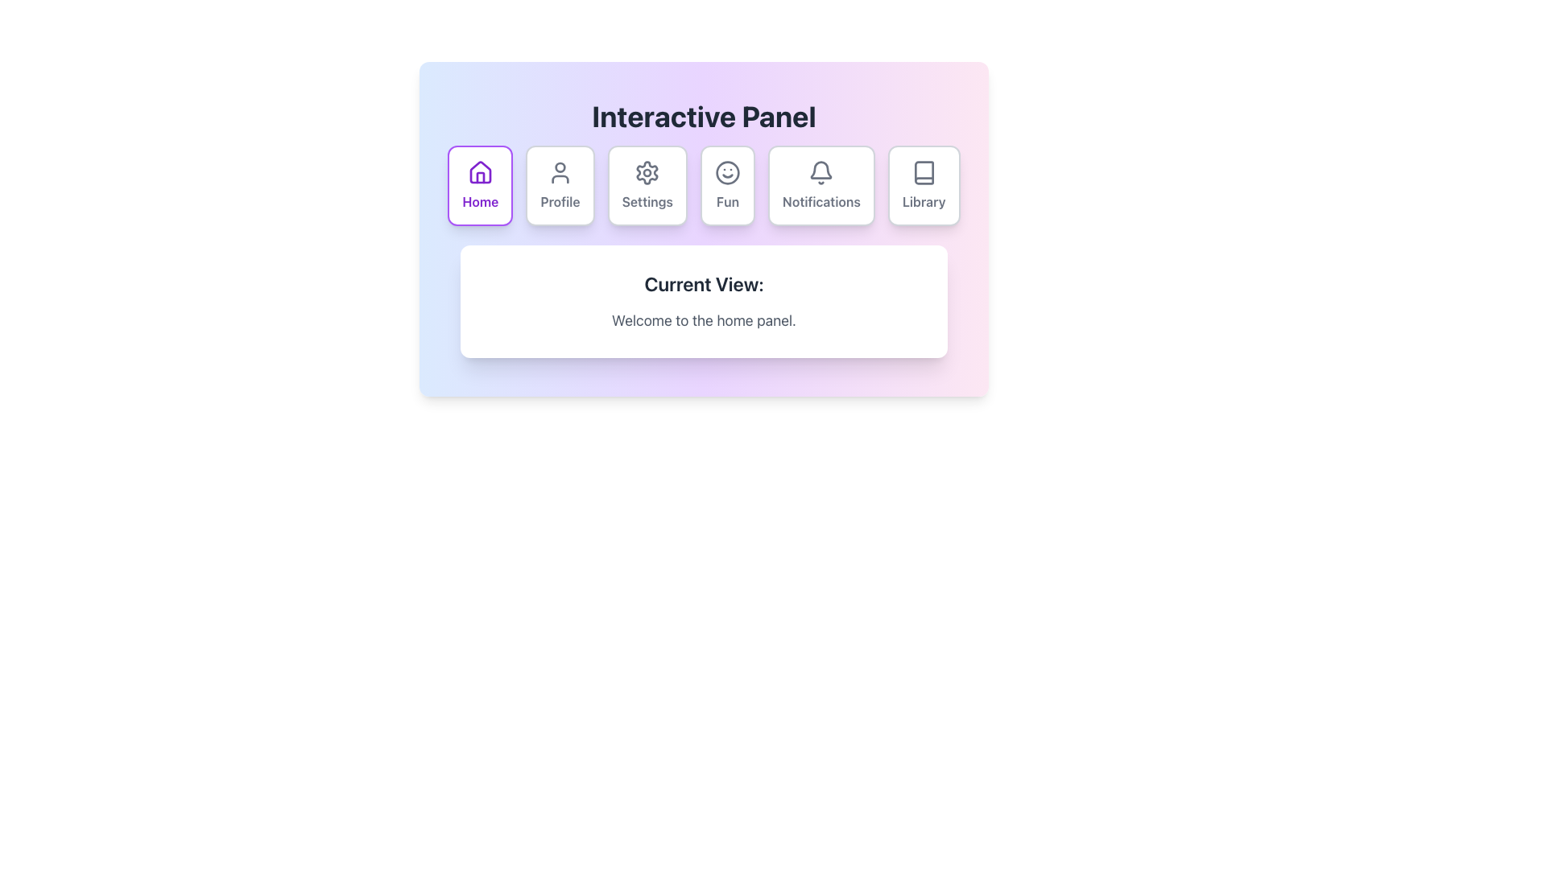 The width and height of the screenshot is (1546, 869). I want to click on the notification icon located at the top of the notification button, which is fourth from the left among a row of options in the panel, so click(821, 173).